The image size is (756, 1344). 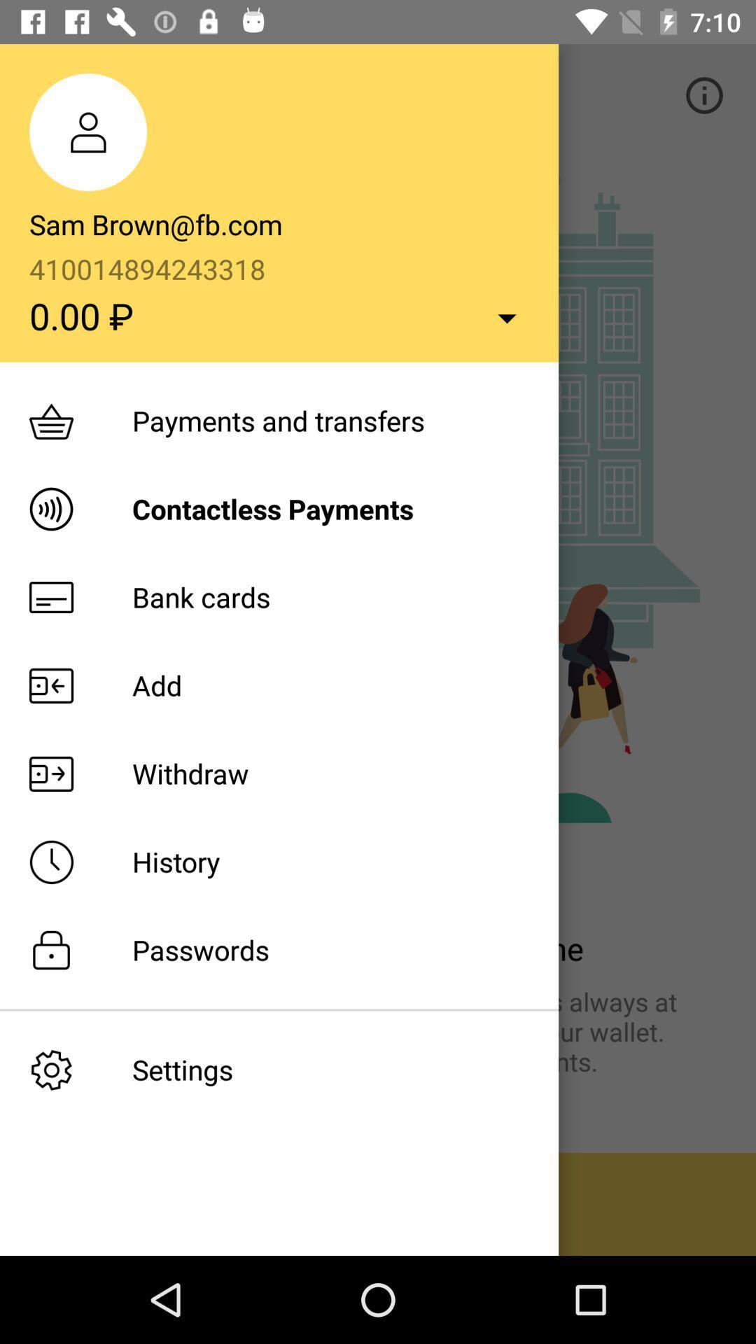 I want to click on the info icon, so click(x=704, y=94).